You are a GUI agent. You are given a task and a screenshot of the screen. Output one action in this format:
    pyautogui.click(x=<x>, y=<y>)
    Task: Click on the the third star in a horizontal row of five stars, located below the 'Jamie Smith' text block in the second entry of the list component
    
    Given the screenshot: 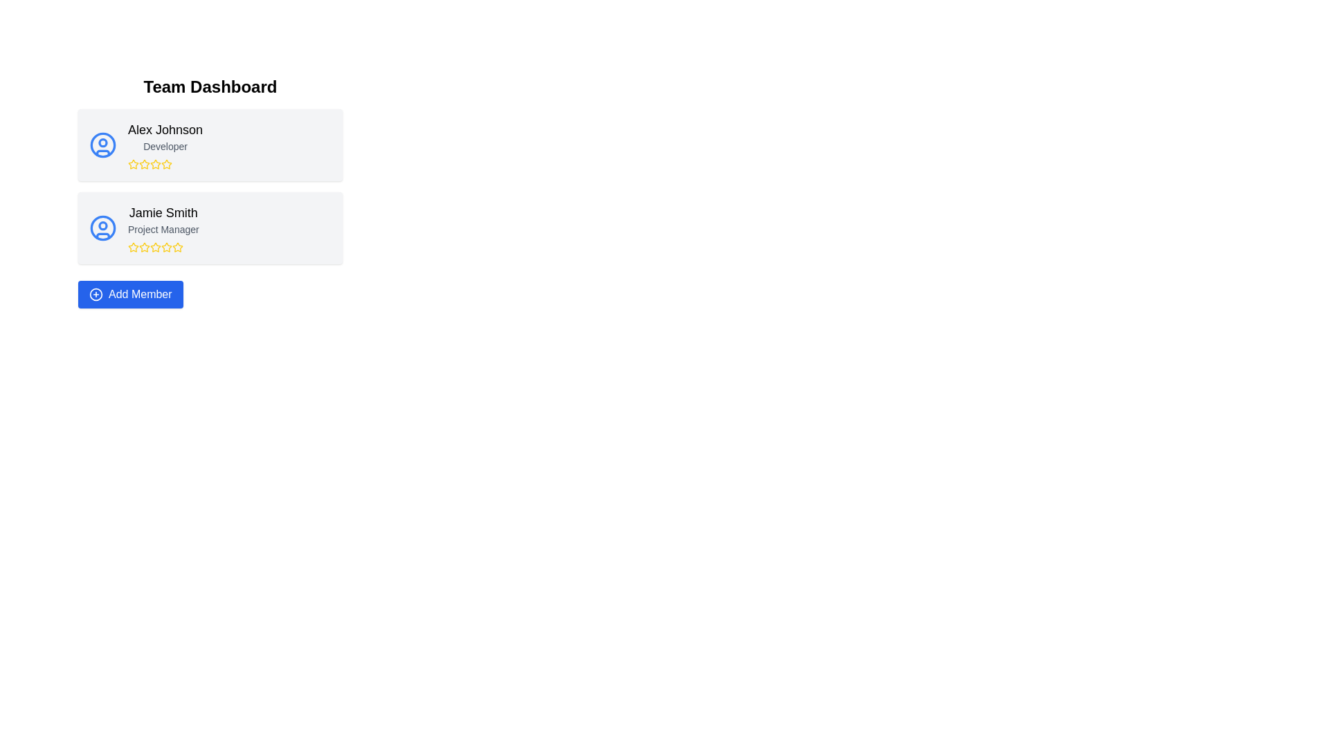 What is the action you would take?
    pyautogui.click(x=145, y=247)
    